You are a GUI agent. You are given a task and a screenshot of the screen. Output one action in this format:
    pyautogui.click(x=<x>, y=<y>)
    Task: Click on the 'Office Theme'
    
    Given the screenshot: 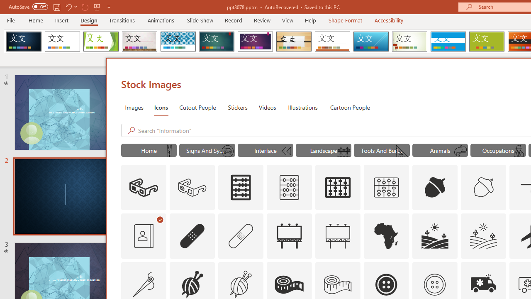 What is the action you would take?
    pyautogui.click(x=62, y=42)
    